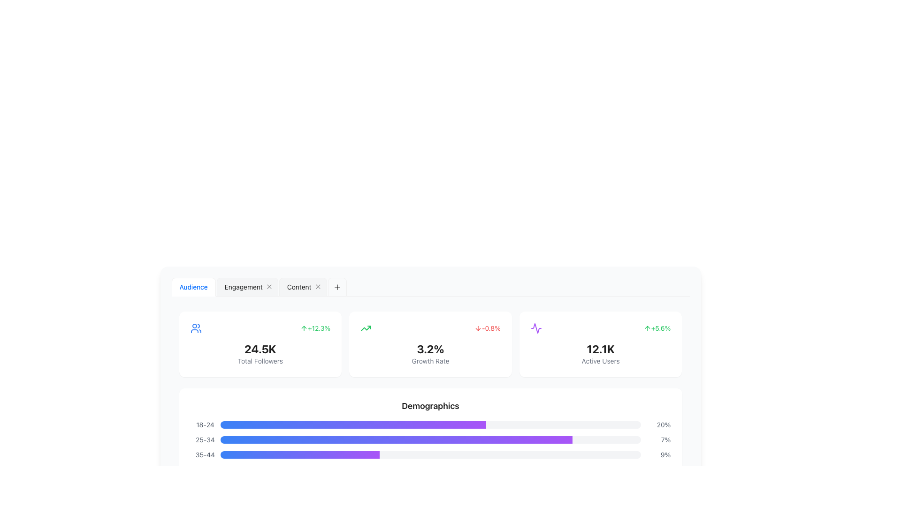 This screenshot has height=506, width=901. I want to click on the progress bar representing the demographic data metric for the '25-34' age group, which shows a percentage value of 7%. This is the second progress bar in the vertical list of demographic data visualizations, so click(430, 439).